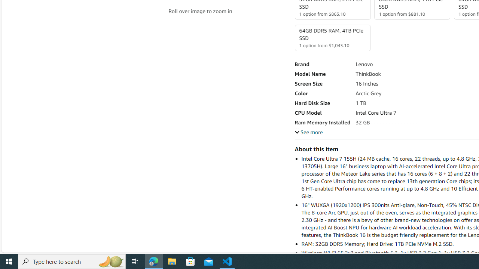 The width and height of the screenshot is (479, 269). Describe the element at coordinates (332, 38) in the screenshot. I see `'64GB DDR5 RAM, 4TB PCIe SSD 1 option from $1,043.10'` at that location.